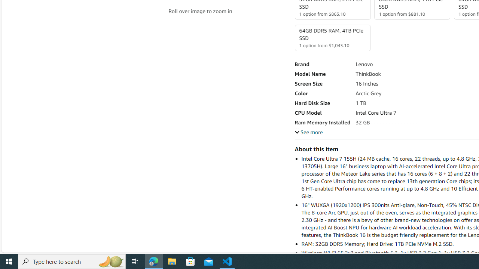 The width and height of the screenshot is (479, 269). Describe the element at coordinates (332, 38) in the screenshot. I see `'64GB DDR5 RAM, 4TB PCIe SSD 1 option from $1,043.10'` at that location.